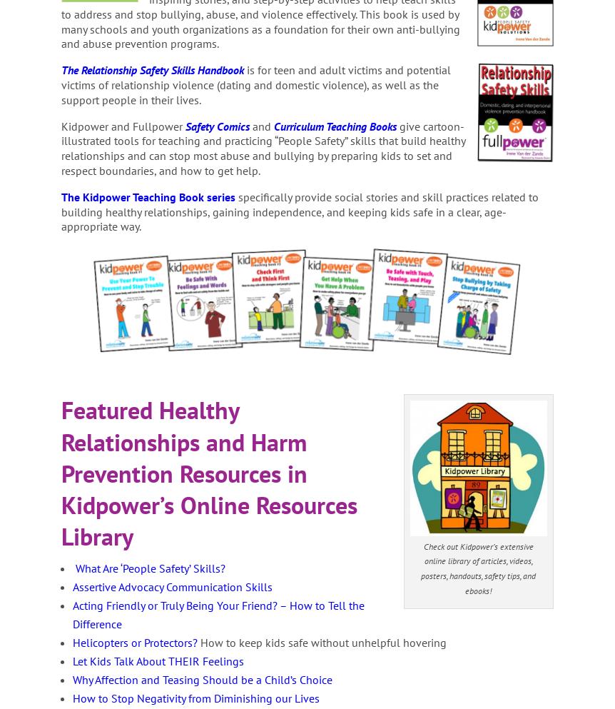 The width and height of the screenshot is (615, 709). I want to click on 'Helicopters or Protectors?', so click(135, 642).